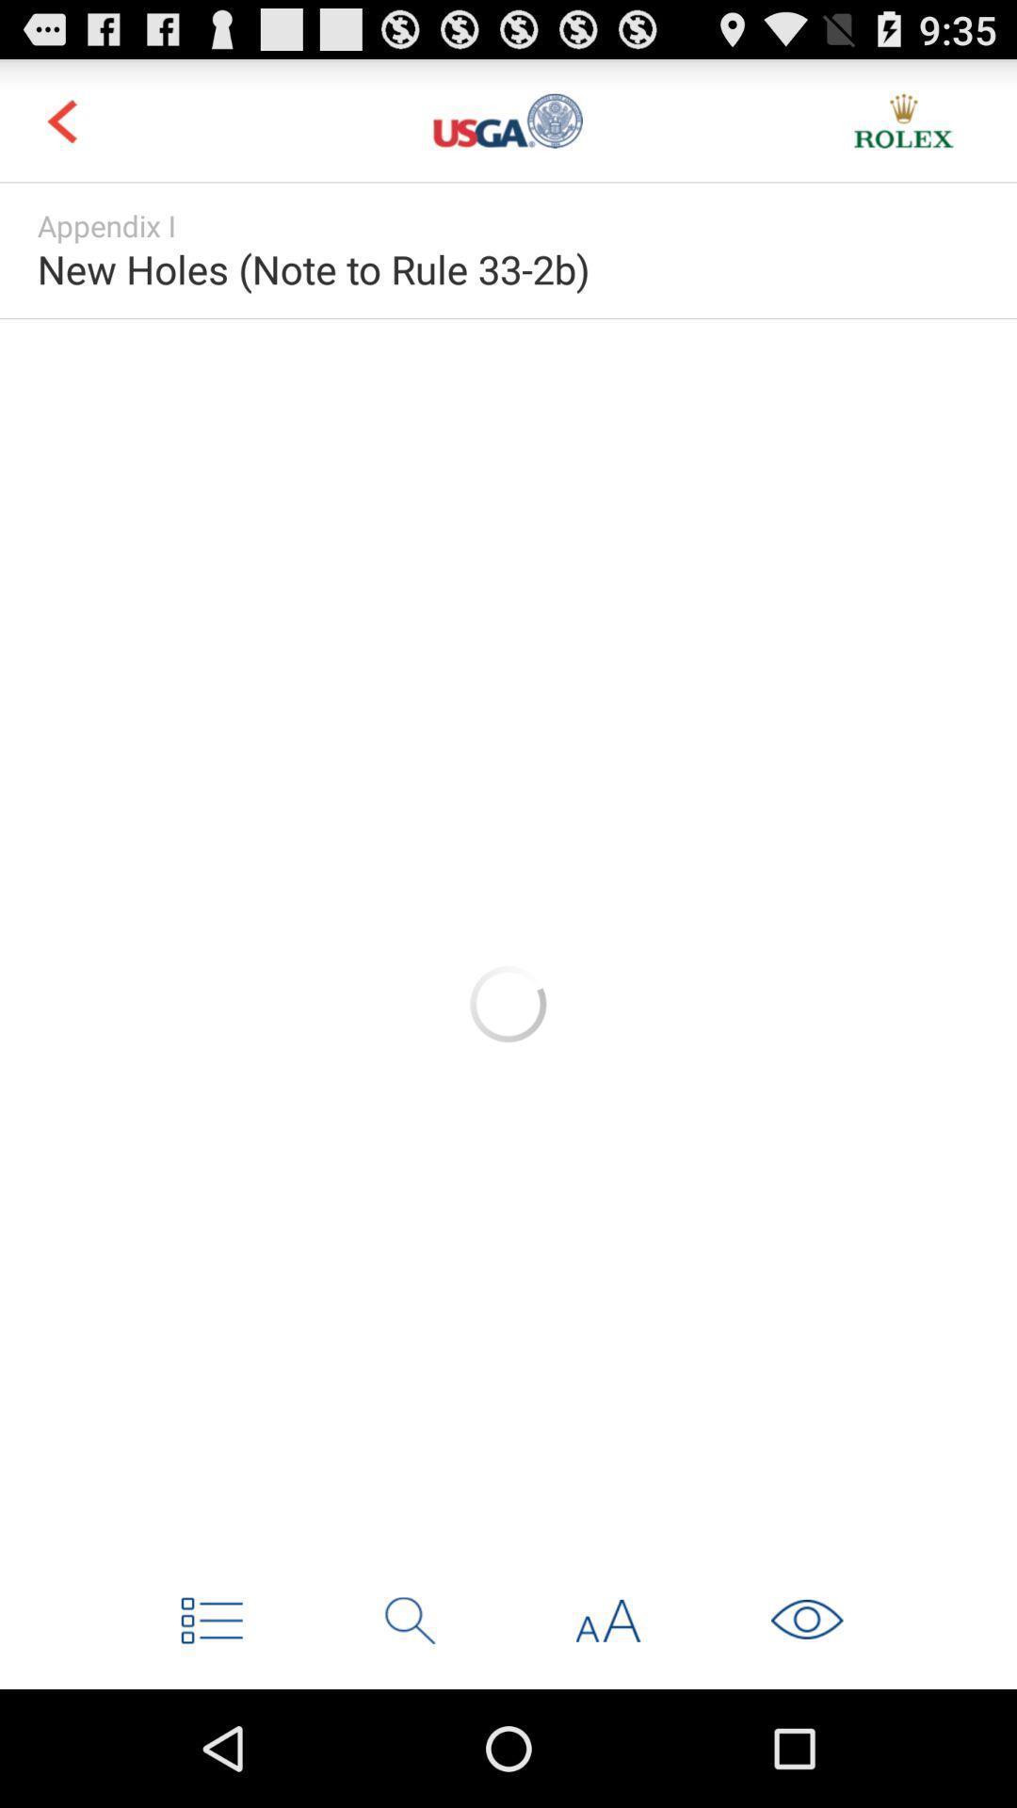  I want to click on previous, so click(60, 120).